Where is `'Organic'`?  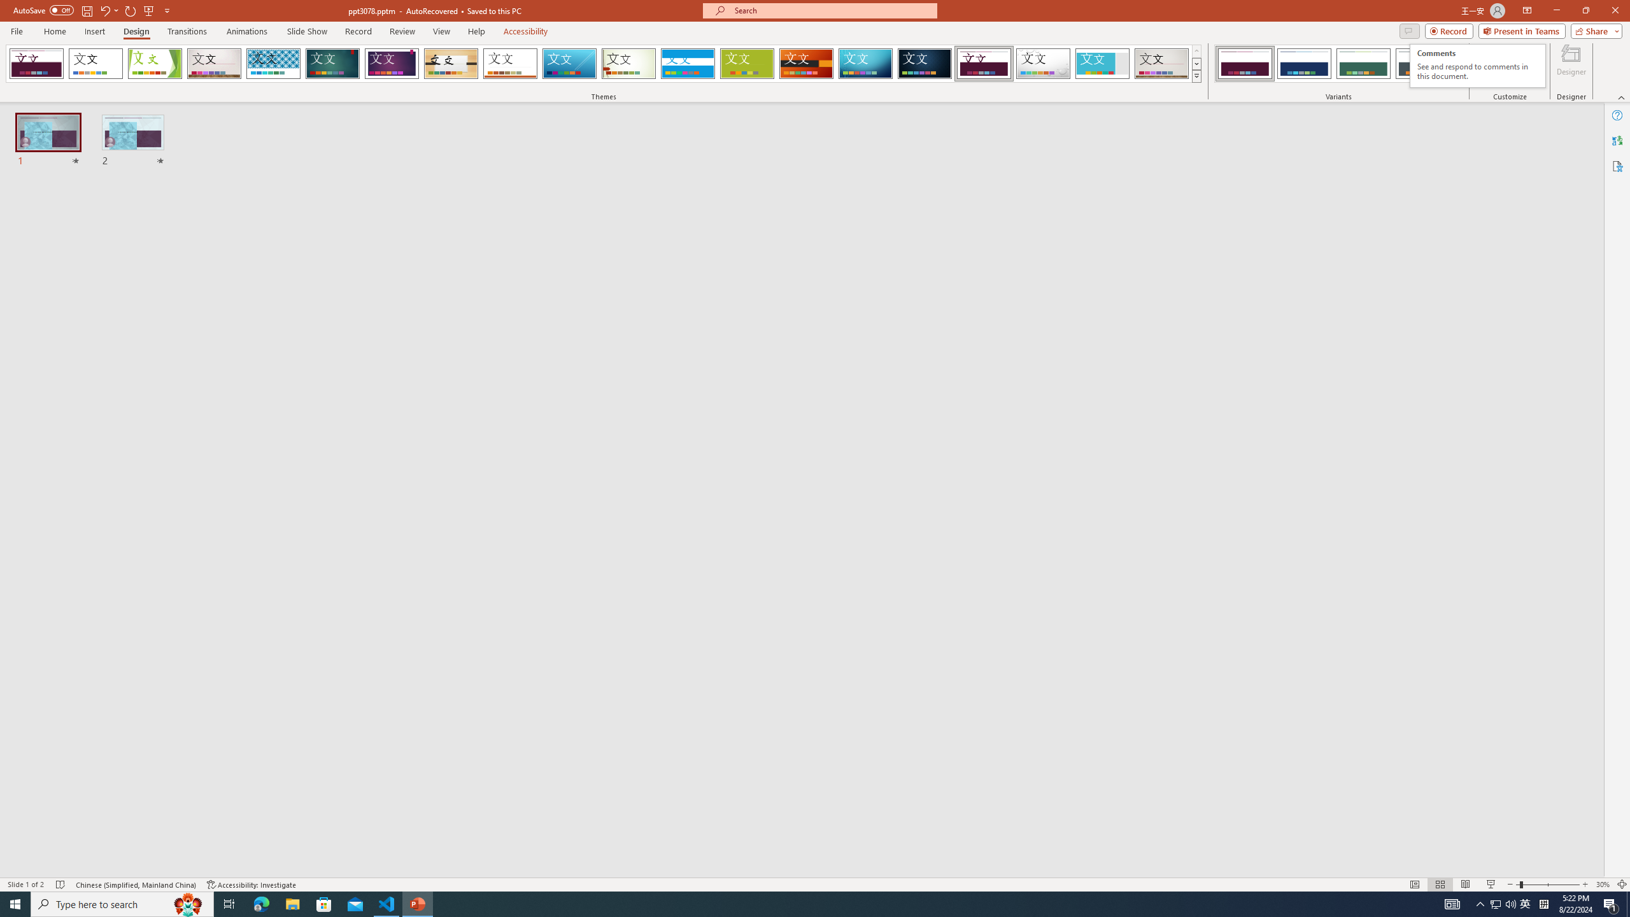
'Organic' is located at coordinates (509, 63).